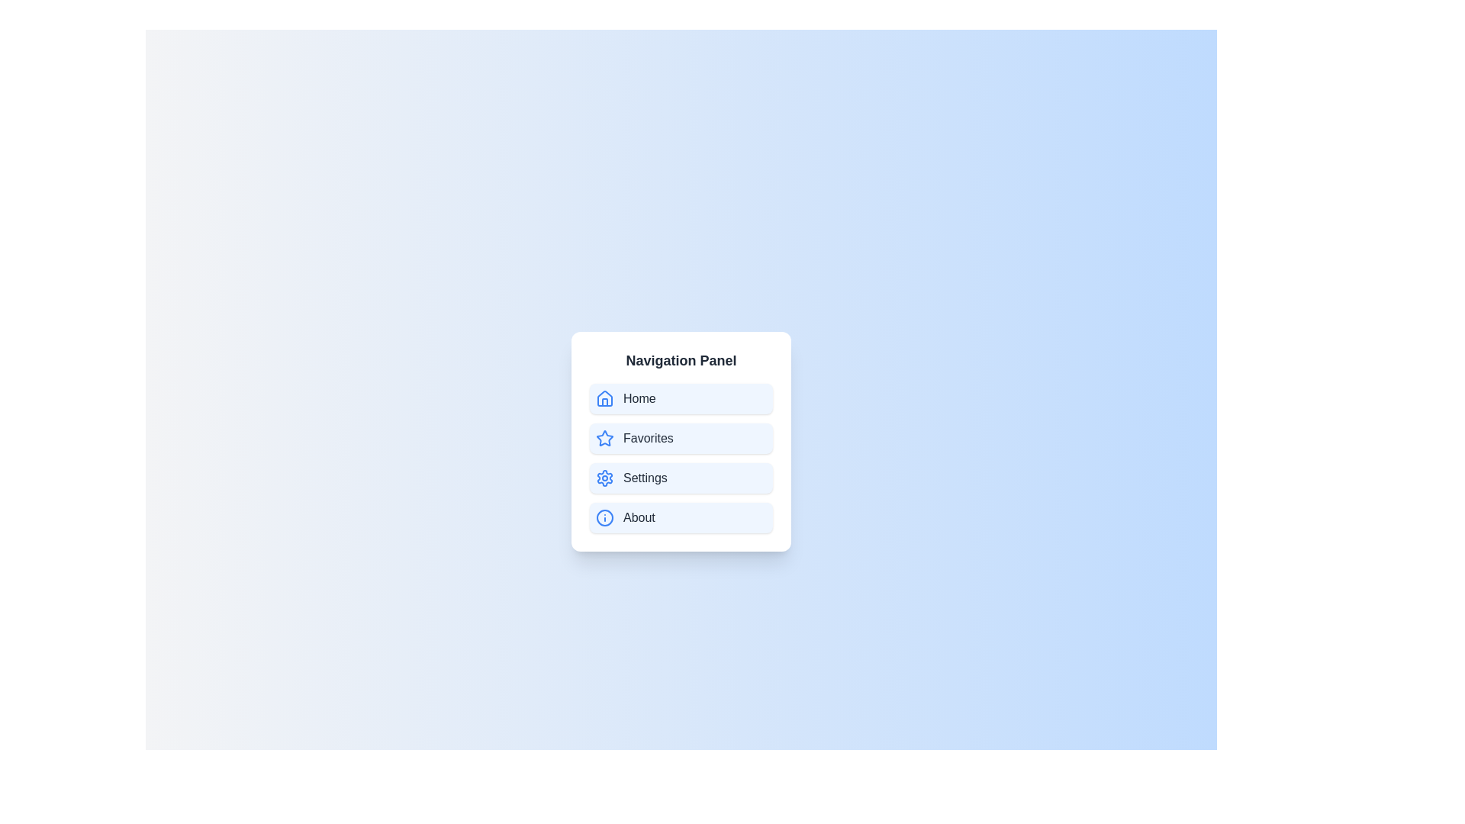 This screenshot has width=1465, height=824. Describe the element at coordinates (645, 478) in the screenshot. I see `the 'Settings' label in the navigation panel, which is the third item in the vertical list and styled in dark gray with a medium-weight font` at that location.